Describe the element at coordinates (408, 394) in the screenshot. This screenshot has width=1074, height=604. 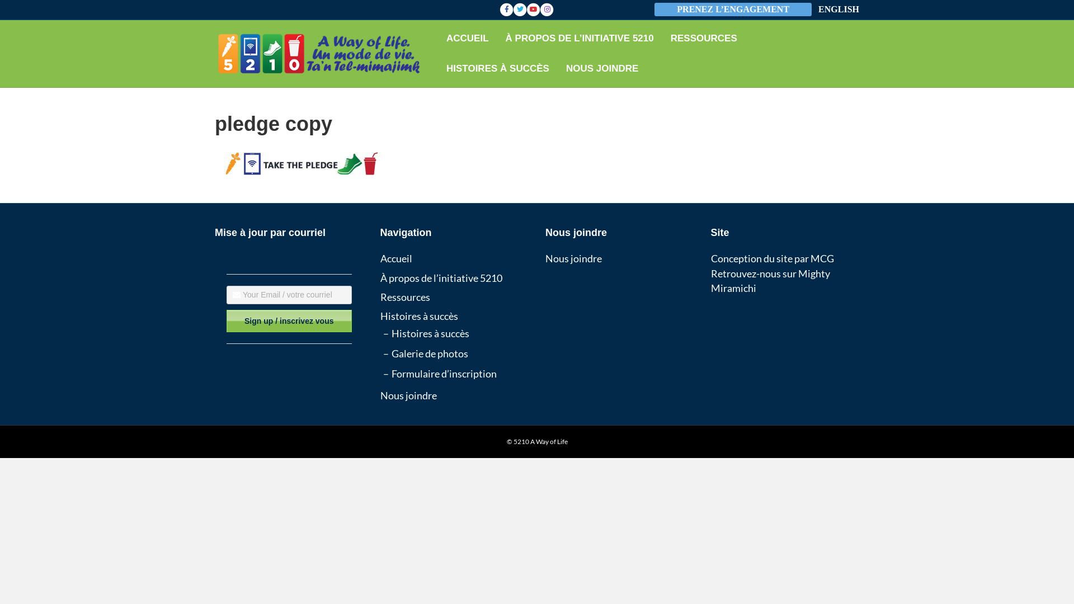
I see `'Nous joindre'` at that location.